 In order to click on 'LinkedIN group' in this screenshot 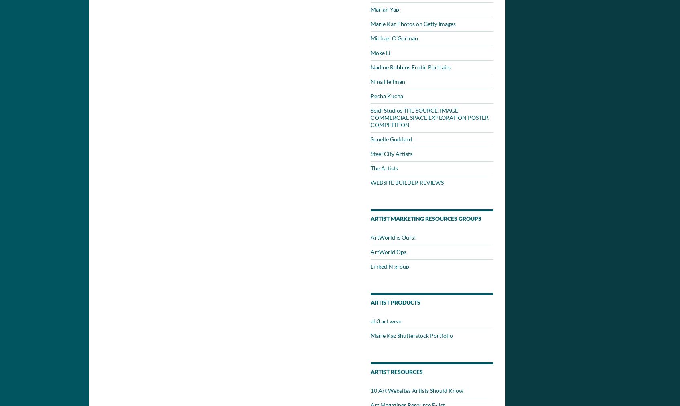, I will do `click(370, 266)`.